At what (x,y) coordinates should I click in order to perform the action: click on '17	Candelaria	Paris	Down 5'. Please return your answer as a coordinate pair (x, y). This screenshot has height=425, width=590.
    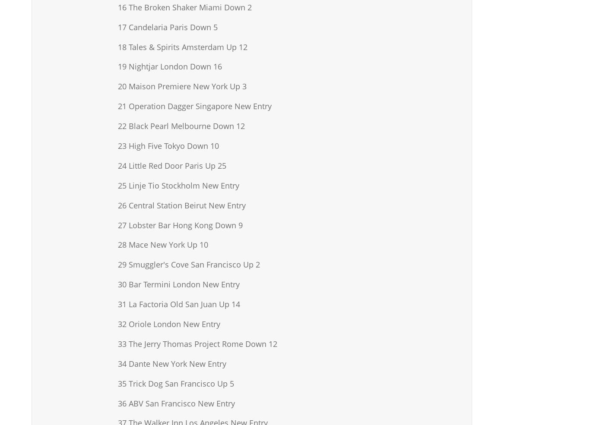
    Looking at the image, I should click on (167, 26).